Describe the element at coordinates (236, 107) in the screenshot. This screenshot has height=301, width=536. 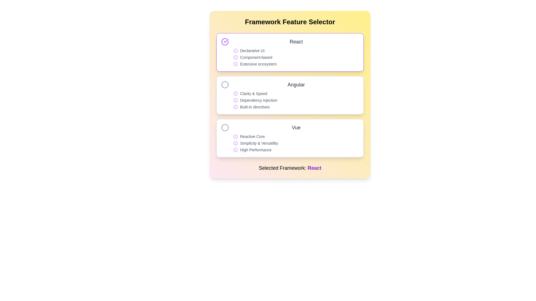
I see `the circular purple icon located within the icon group for the 'Angular' framework option, positioned in the middle of the three options` at that location.